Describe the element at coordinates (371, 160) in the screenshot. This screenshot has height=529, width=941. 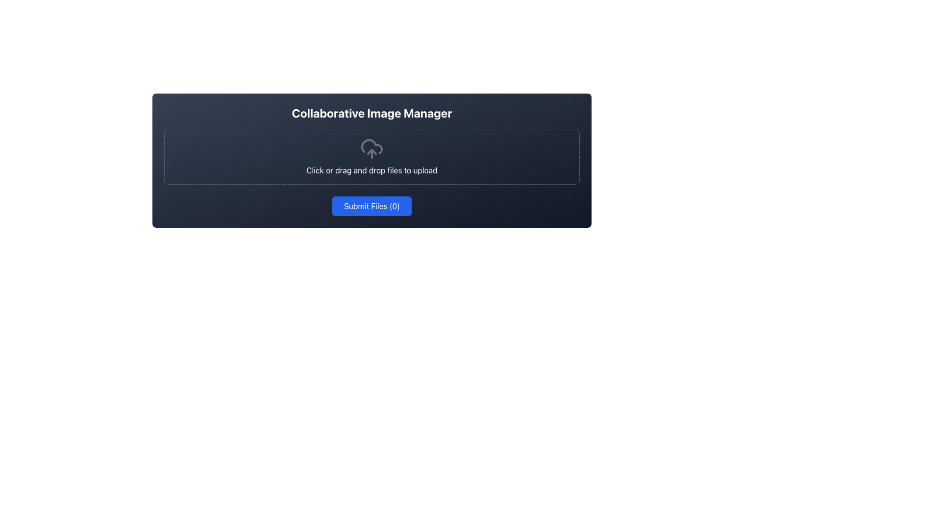
I see `and drop files into the interactive file upload area located centrally in the application layout, positioned below the header` at that location.